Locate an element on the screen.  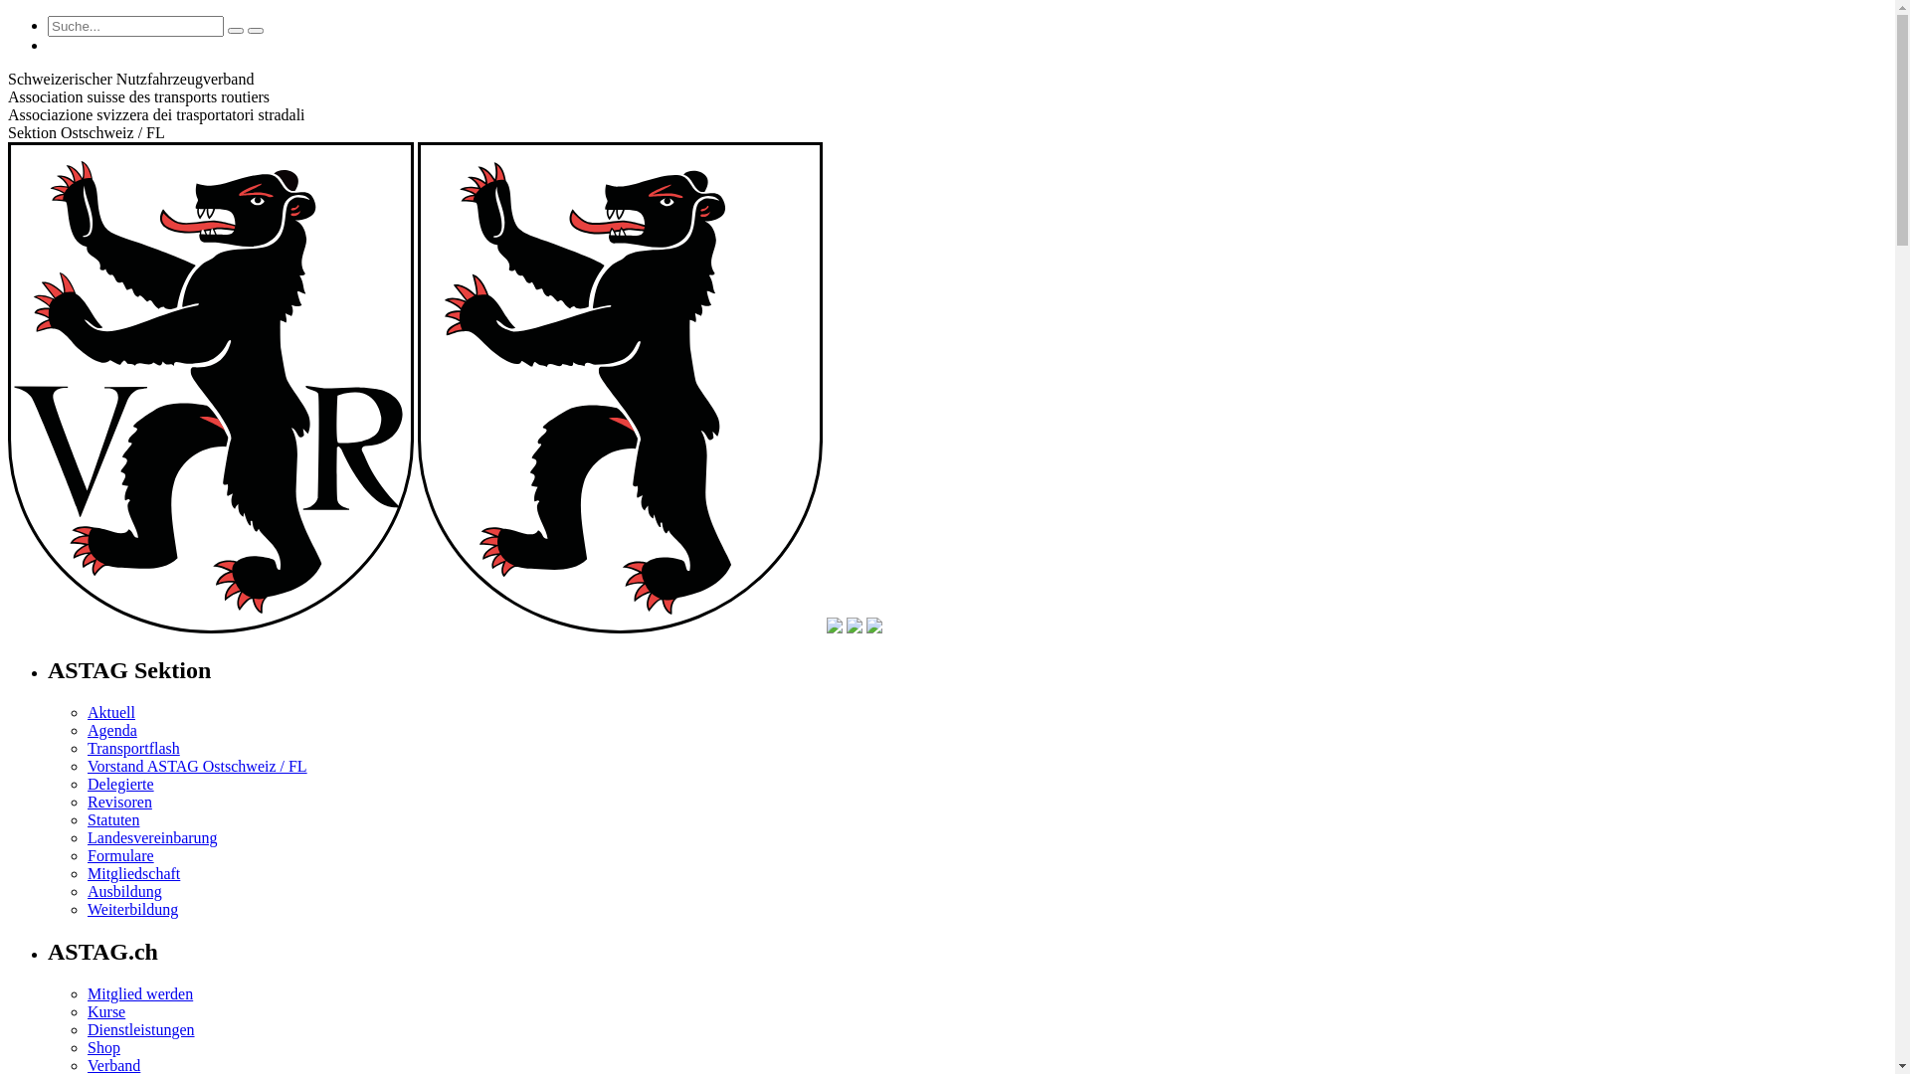
'Weiterbildung' is located at coordinates (131, 909).